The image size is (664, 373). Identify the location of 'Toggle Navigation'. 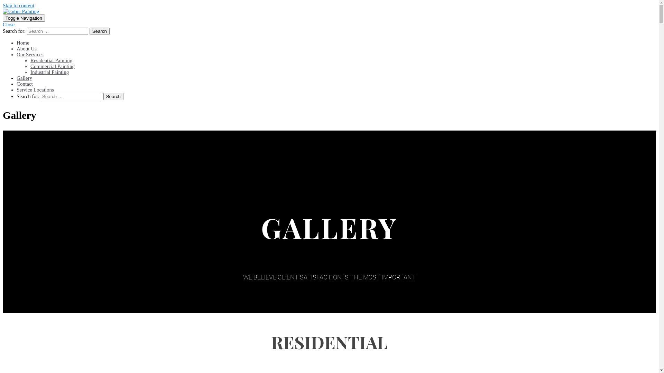
(24, 18).